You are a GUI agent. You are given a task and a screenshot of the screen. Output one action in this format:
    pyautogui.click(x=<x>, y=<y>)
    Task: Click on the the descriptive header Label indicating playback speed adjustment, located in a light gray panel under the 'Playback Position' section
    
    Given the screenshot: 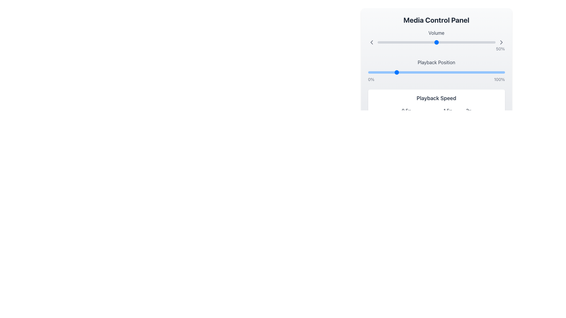 What is the action you would take?
    pyautogui.click(x=436, y=98)
    